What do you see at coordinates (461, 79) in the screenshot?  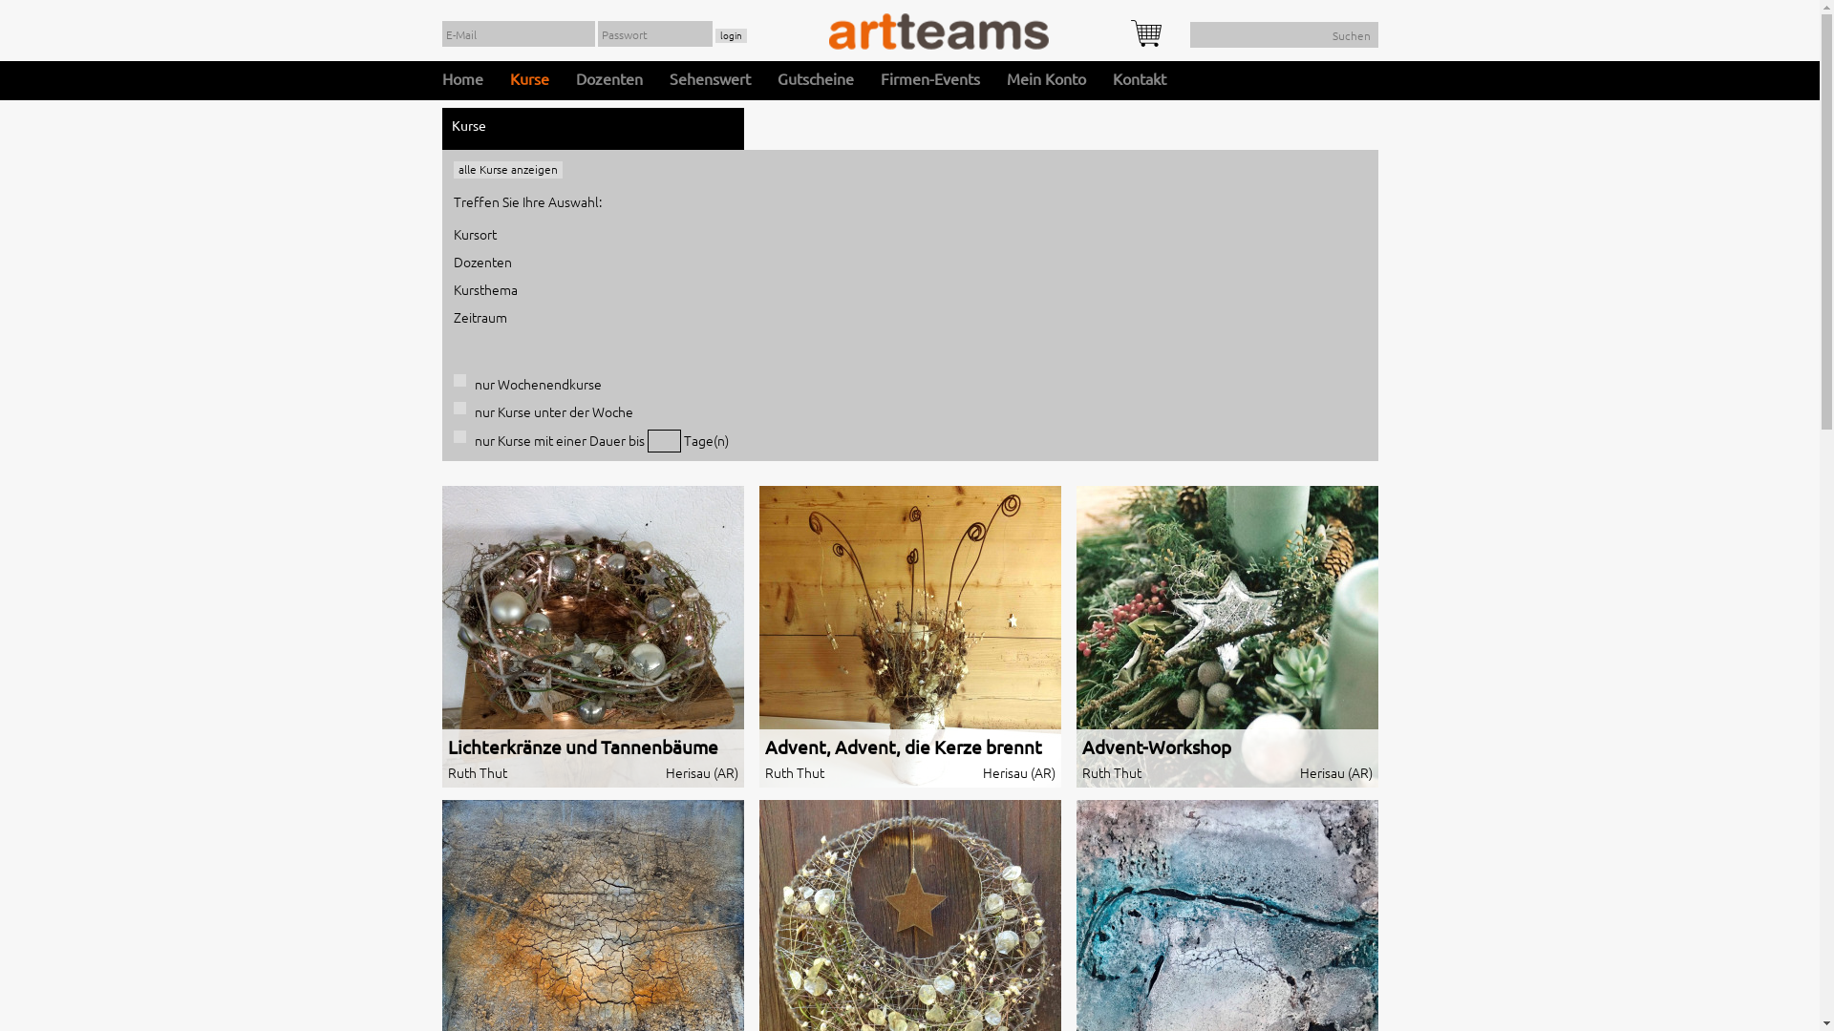 I see `'Home'` at bounding box center [461, 79].